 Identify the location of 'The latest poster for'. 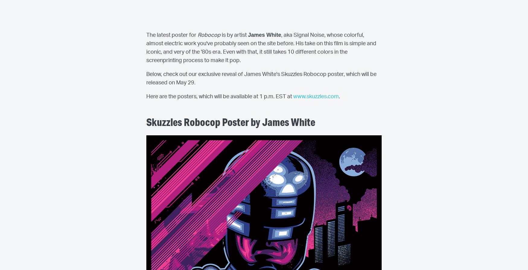
(146, 35).